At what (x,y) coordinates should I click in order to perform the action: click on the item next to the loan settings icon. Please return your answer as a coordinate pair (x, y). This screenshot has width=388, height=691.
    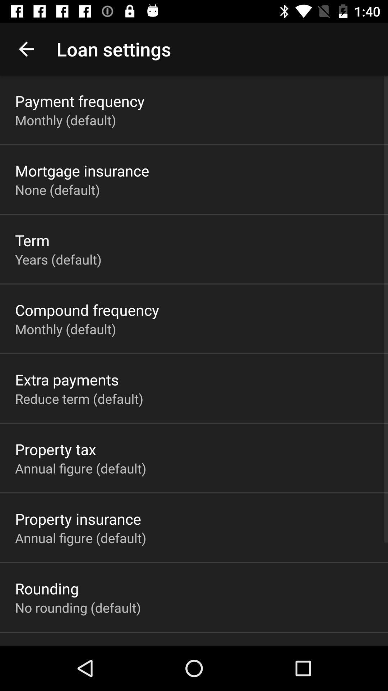
    Looking at the image, I should click on (26, 49).